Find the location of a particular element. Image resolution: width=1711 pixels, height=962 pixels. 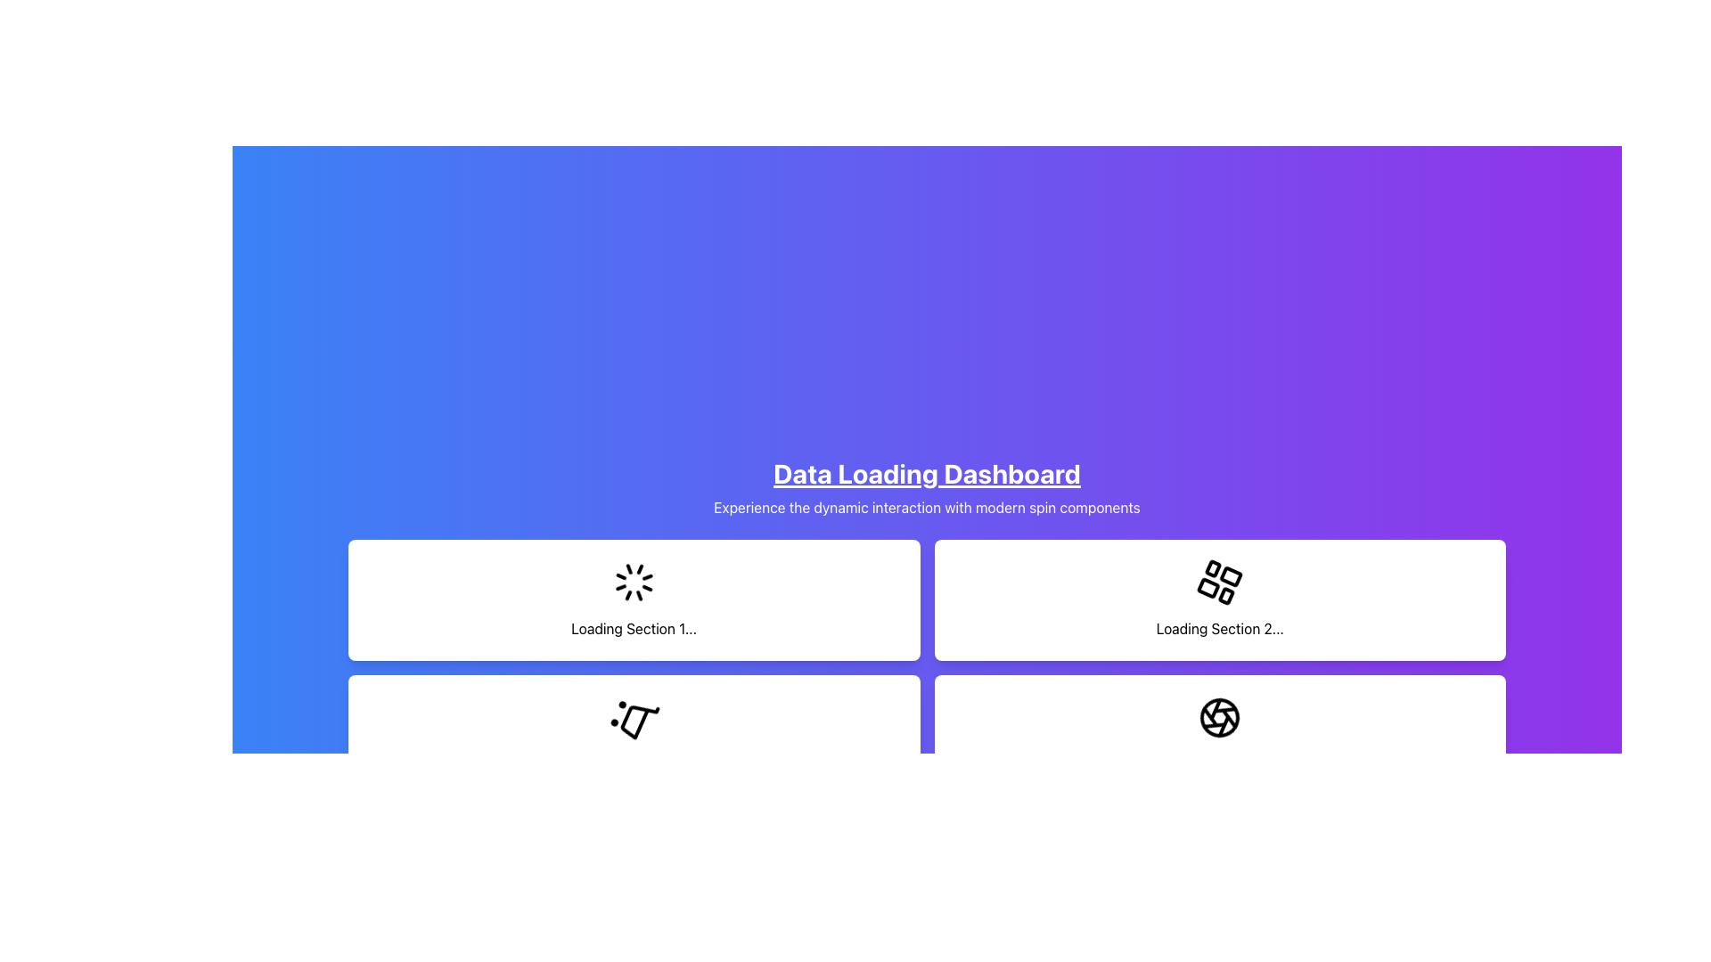

the animation behavior of the fourth SVG rectangle element located in the bottom-left corner of the loading section in the dashboard interface is located at coordinates (1224, 568).